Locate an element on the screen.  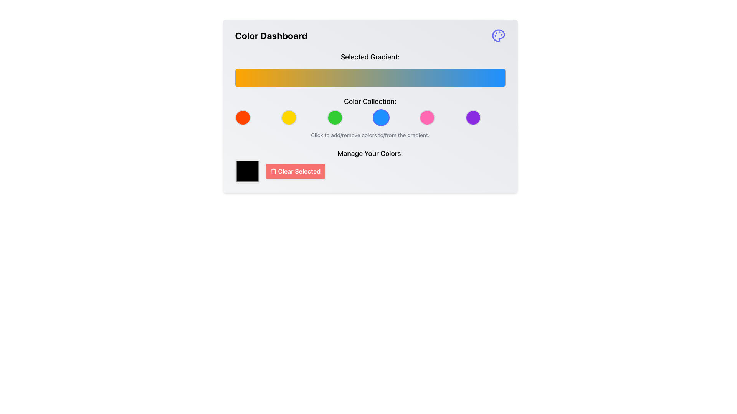
the gradient selection is located at coordinates (264, 78).